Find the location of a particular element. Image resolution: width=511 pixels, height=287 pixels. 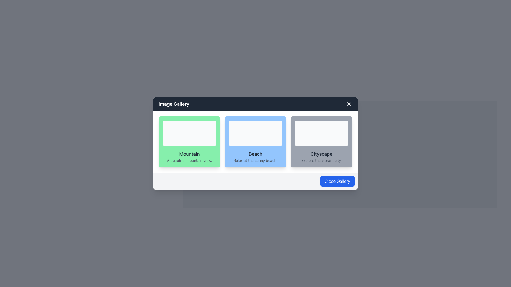

the static text element that reads 'Relax at the sunny beach.', which is located beneath the title 'Beach' and is part of a light blue card is located at coordinates (256, 160).